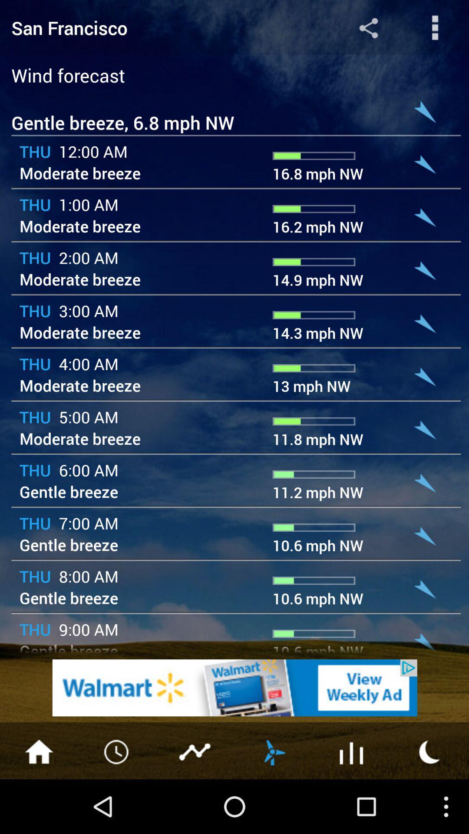  What do you see at coordinates (234, 687) in the screenshot?
I see `the add` at bounding box center [234, 687].